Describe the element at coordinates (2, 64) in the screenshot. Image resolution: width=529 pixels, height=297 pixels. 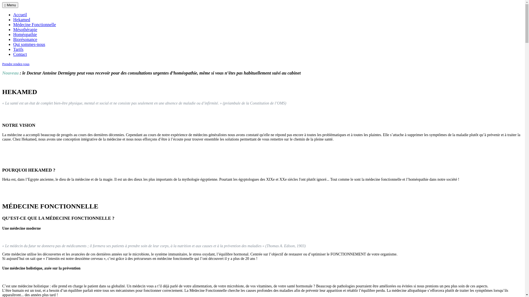
I see `'Prendre rendez-vous'` at that location.